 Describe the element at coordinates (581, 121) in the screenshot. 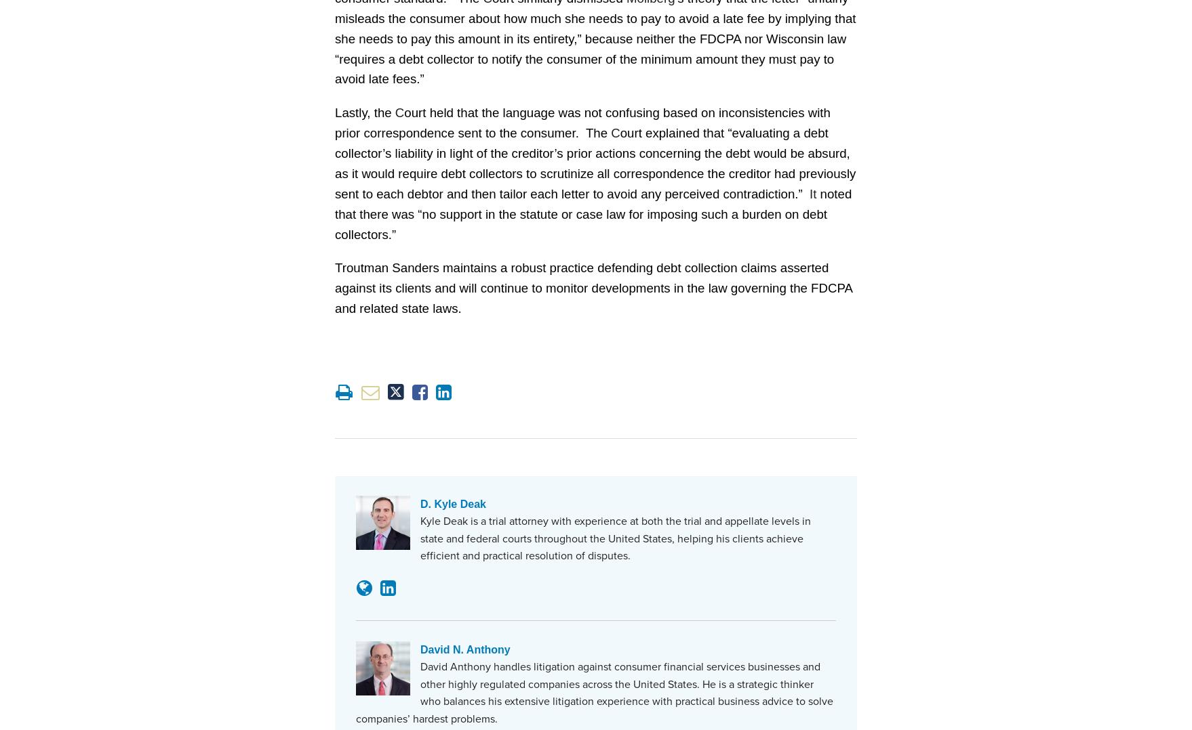

I see `'ourt held that the language was not confusing based on inconsistencies with prior correspondence sent to the consumer.  The'` at that location.